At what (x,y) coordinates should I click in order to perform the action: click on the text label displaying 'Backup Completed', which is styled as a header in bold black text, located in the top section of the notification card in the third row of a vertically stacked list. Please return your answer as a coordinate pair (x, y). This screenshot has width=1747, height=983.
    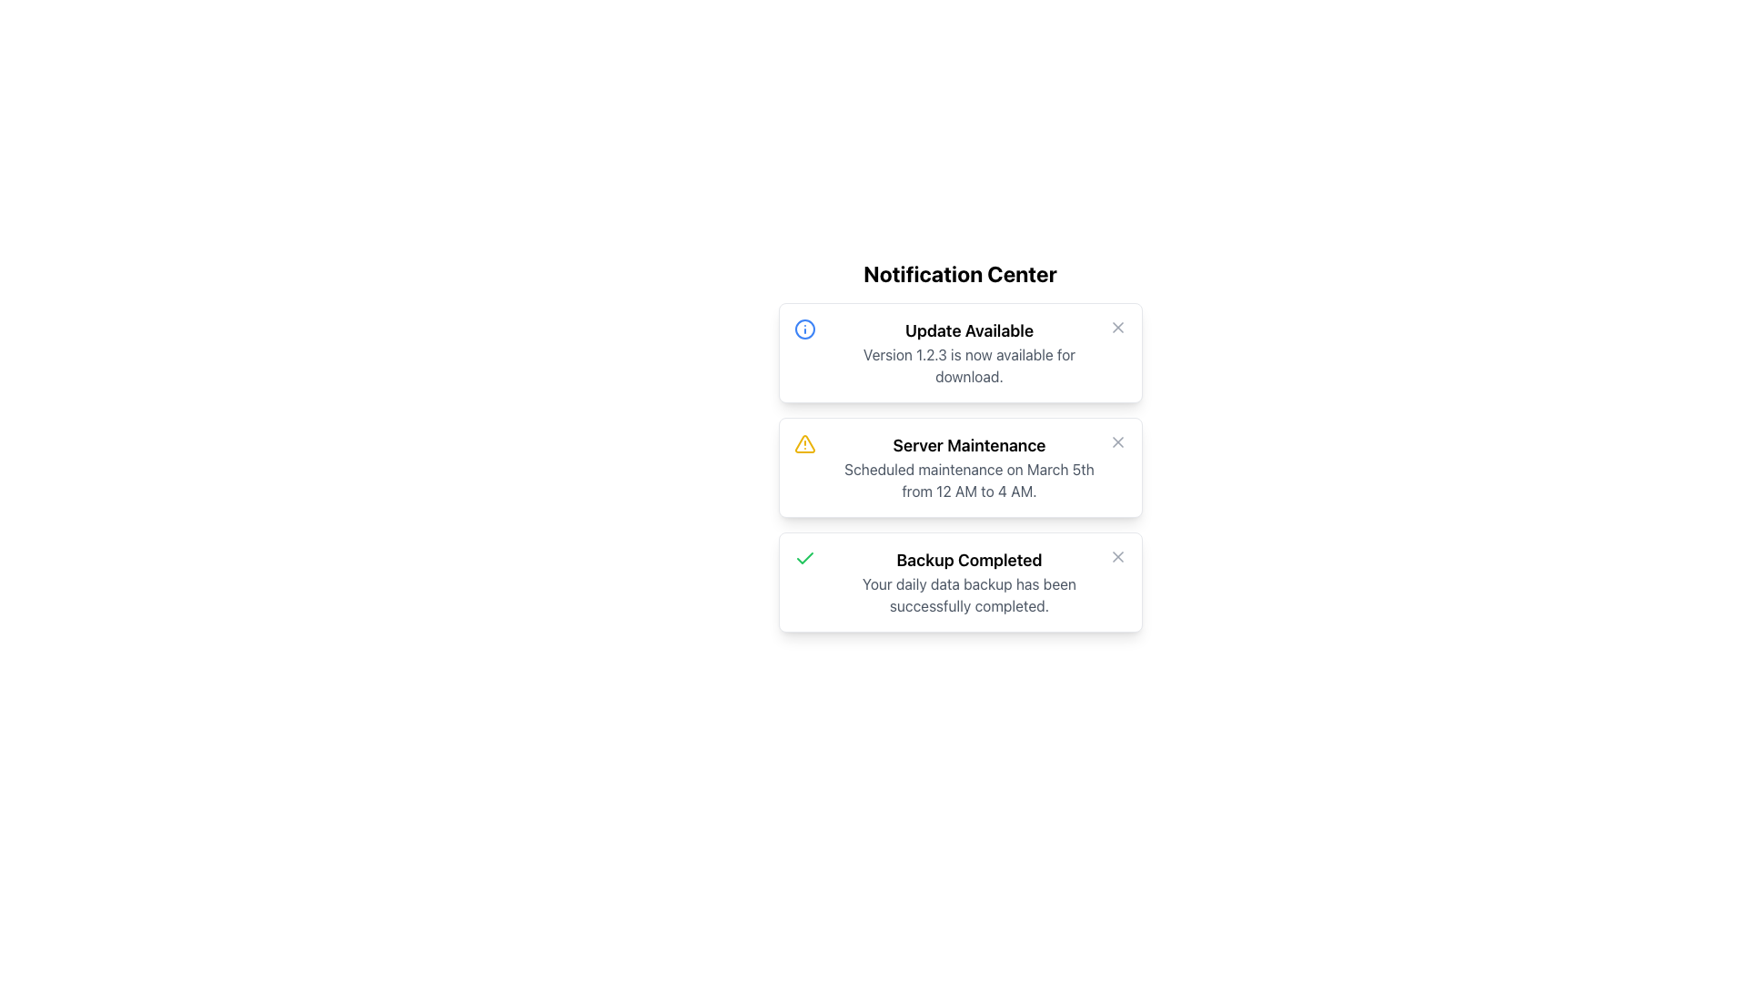
    Looking at the image, I should click on (968, 560).